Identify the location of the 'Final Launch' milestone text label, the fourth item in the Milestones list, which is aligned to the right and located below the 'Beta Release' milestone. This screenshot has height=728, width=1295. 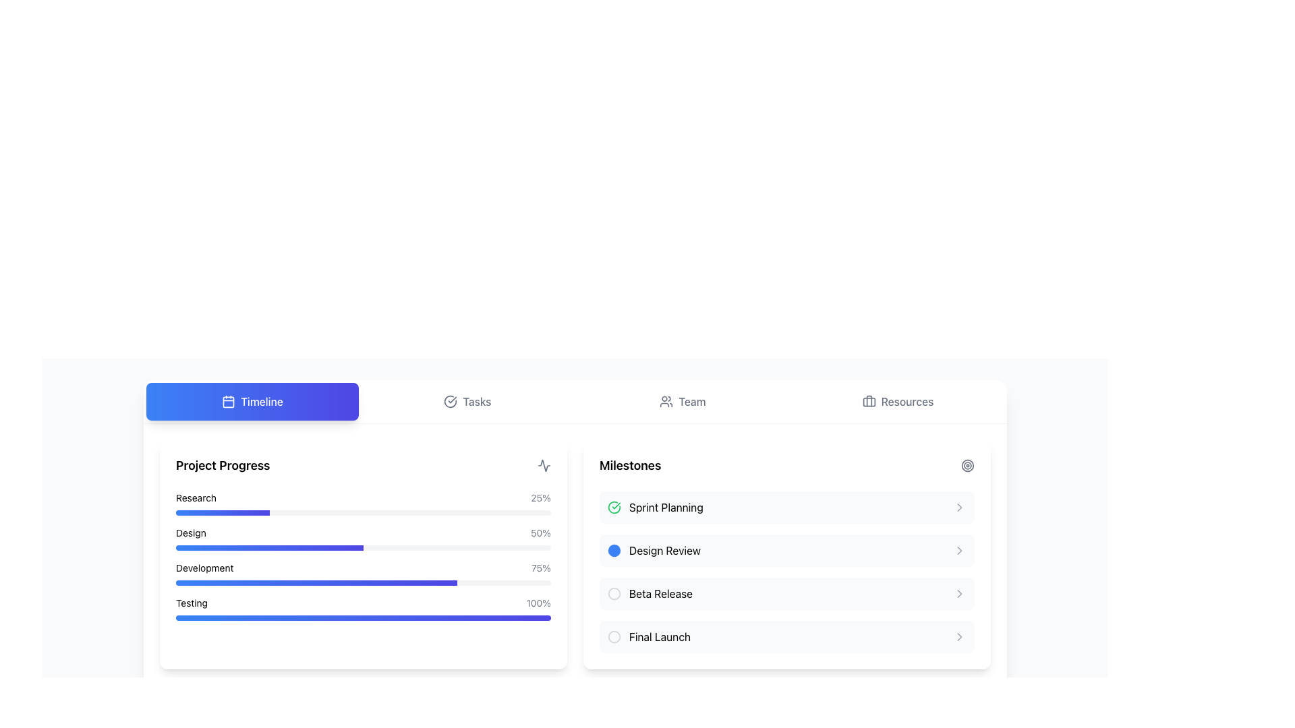
(660, 637).